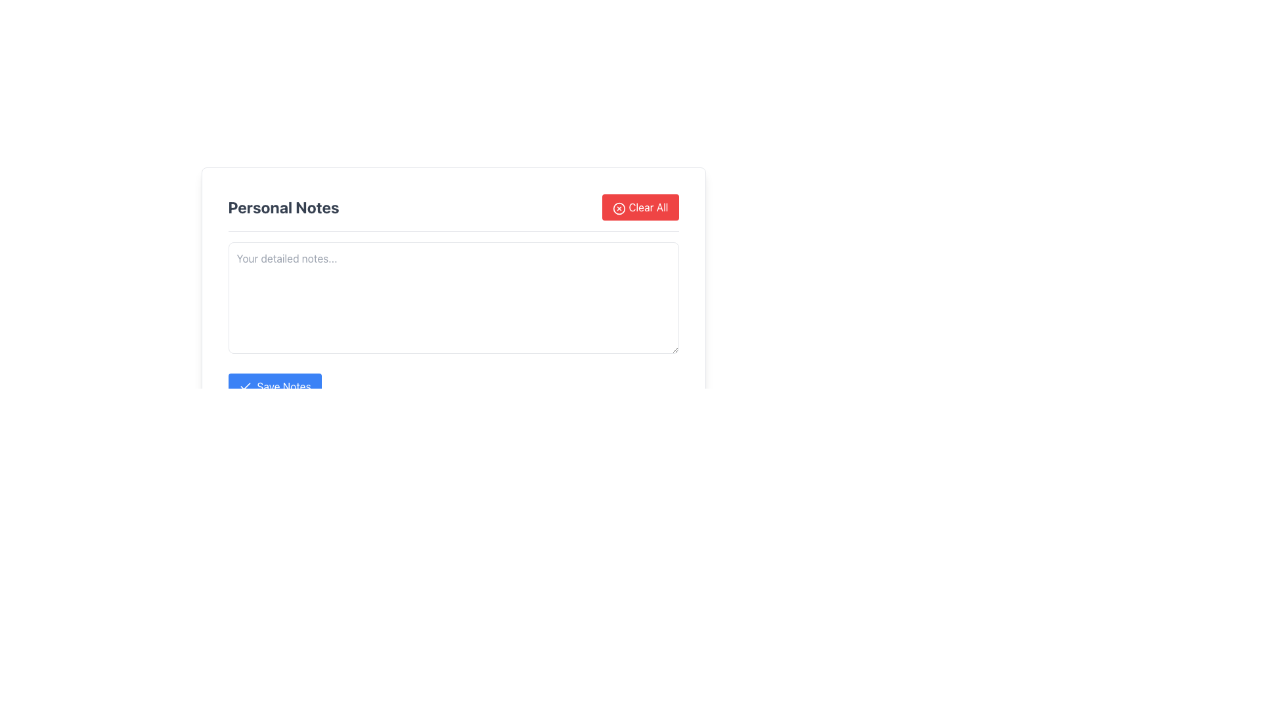 The width and height of the screenshot is (1261, 709). I want to click on the SVG Circle element within the 'Clear All' button in the top-right corner of the 'Personal Notes' panel, so click(619, 207).